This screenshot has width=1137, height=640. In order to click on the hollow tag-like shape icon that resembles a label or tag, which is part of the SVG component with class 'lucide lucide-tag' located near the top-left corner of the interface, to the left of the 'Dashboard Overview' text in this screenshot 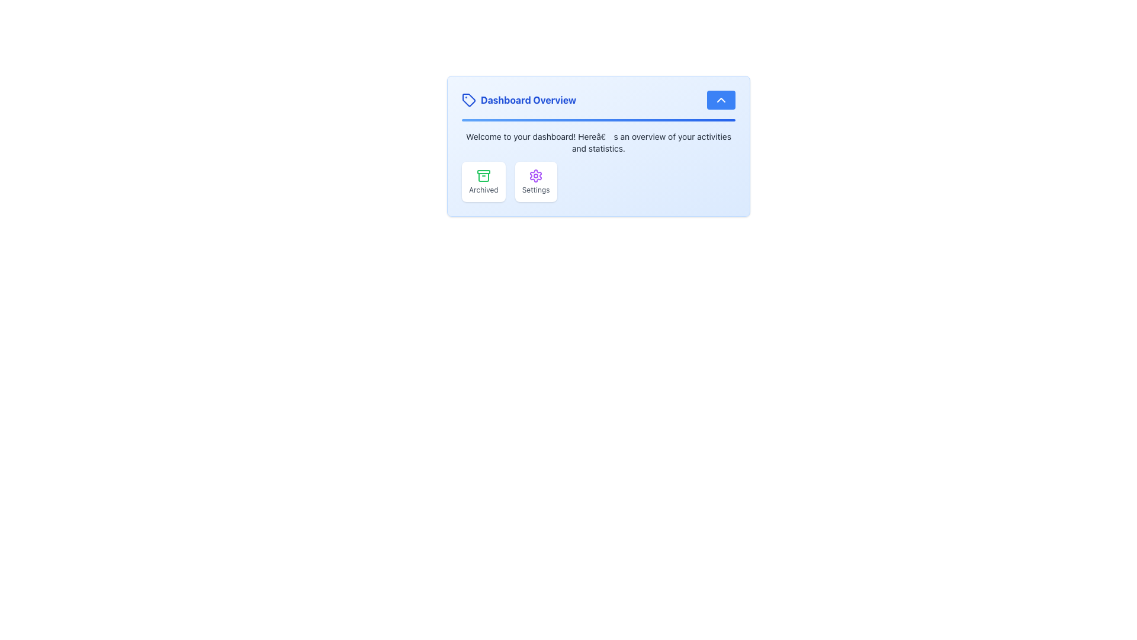, I will do `click(468, 100)`.